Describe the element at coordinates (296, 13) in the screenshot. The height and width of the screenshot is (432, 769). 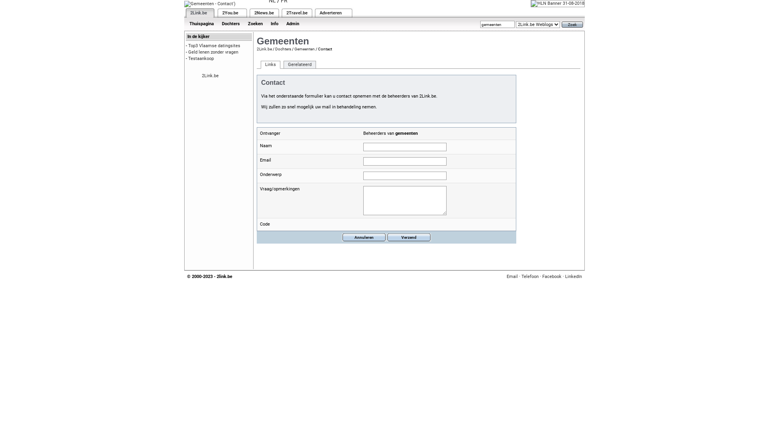
I see `'2Travel.be'` at that location.